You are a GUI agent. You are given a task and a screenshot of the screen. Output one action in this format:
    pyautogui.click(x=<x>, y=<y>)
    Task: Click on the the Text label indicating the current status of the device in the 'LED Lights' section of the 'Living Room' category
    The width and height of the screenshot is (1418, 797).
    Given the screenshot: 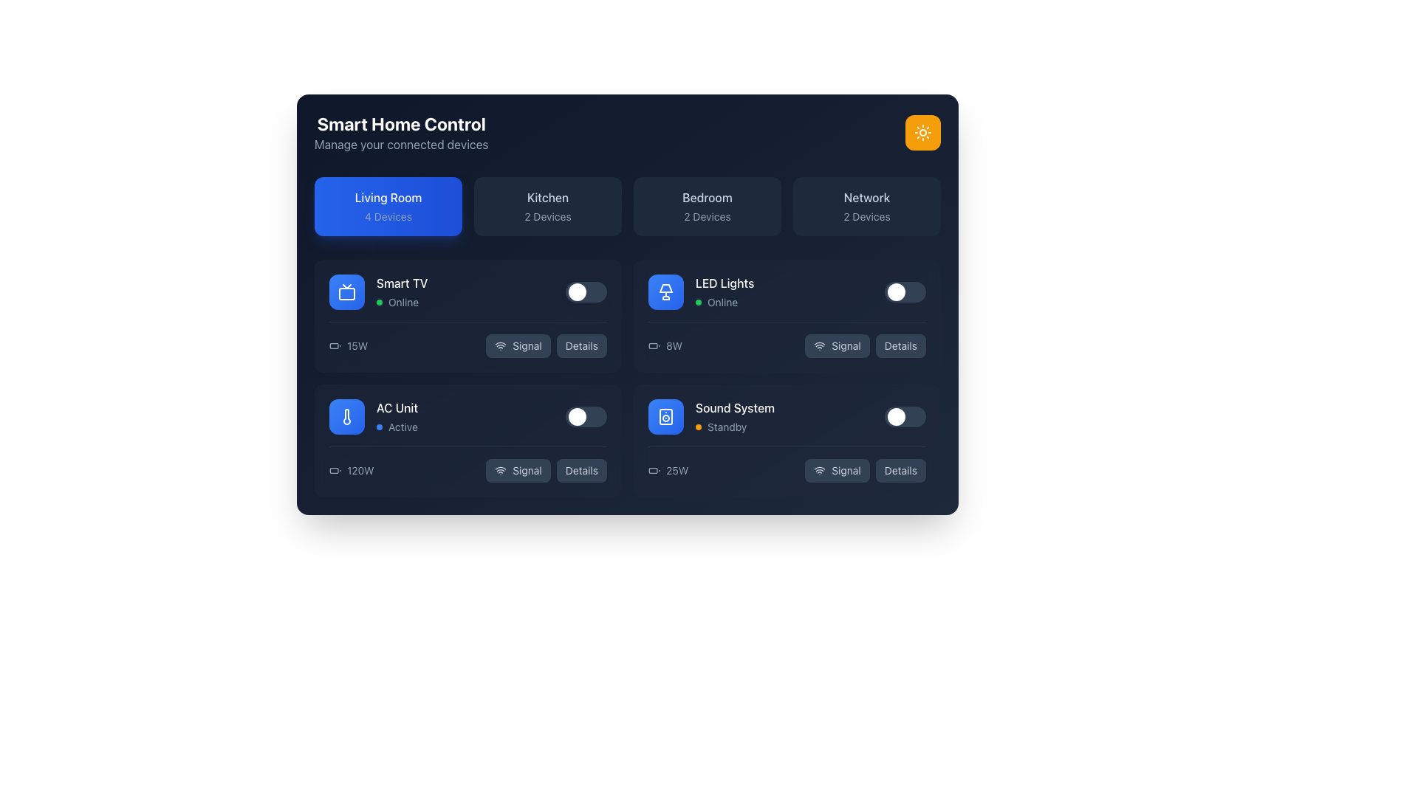 What is the action you would take?
    pyautogui.click(x=722, y=301)
    